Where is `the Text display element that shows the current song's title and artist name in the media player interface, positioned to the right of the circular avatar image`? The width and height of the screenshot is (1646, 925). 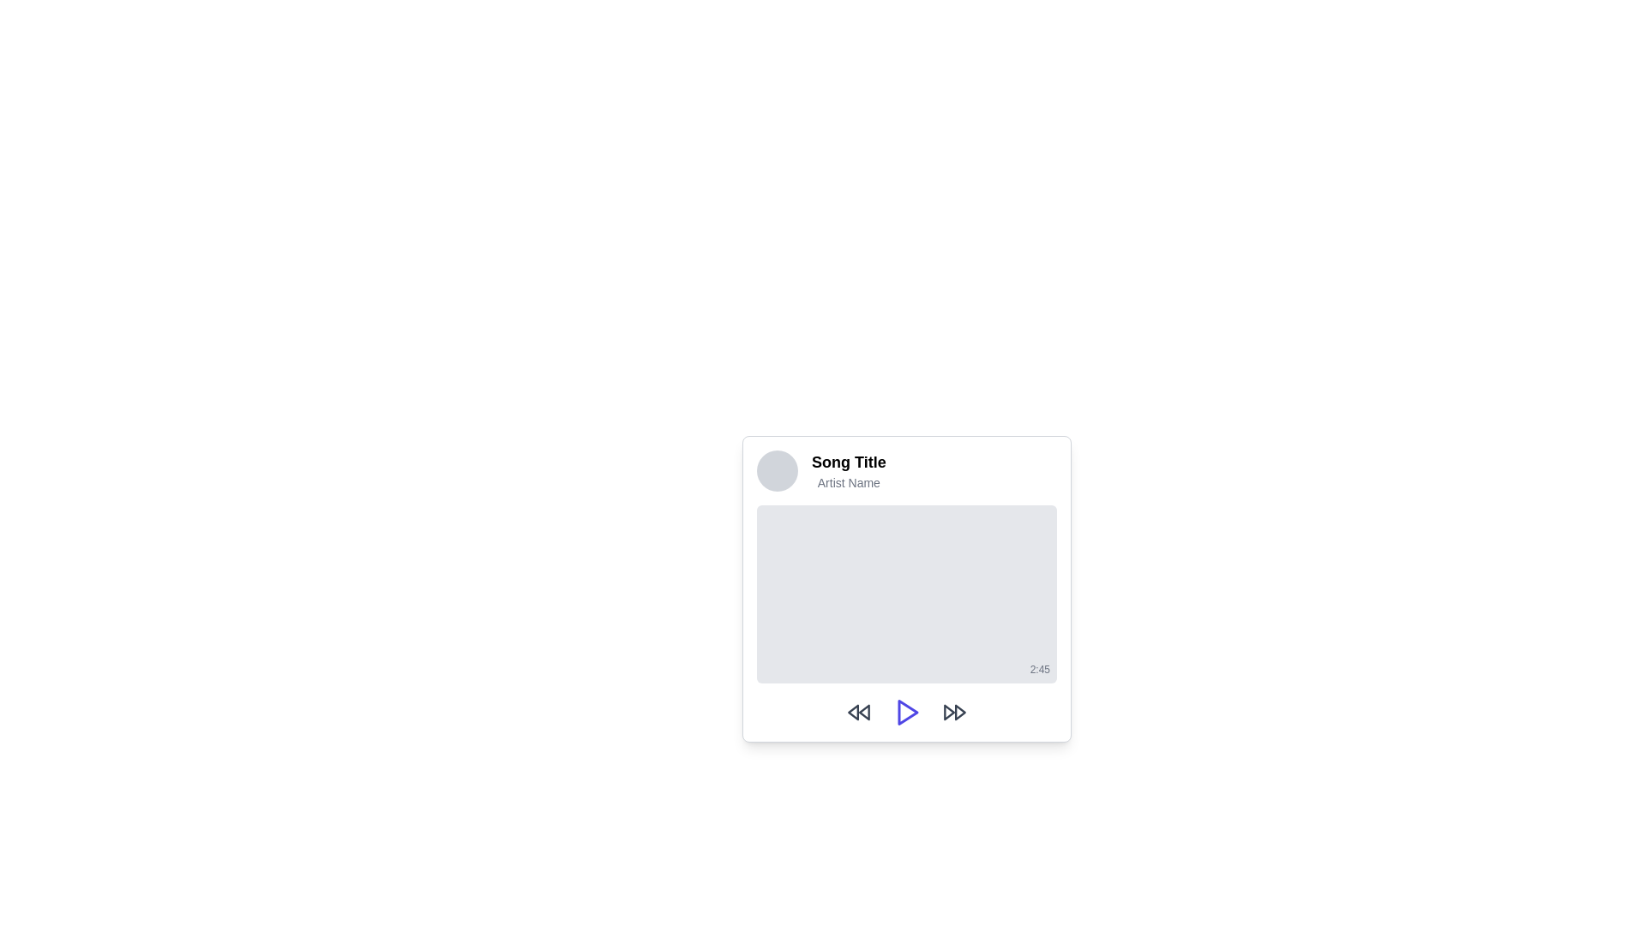
the Text display element that shows the current song's title and artist name in the media player interface, positioned to the right of the circular avatar image is located at coordinates (849, 471).